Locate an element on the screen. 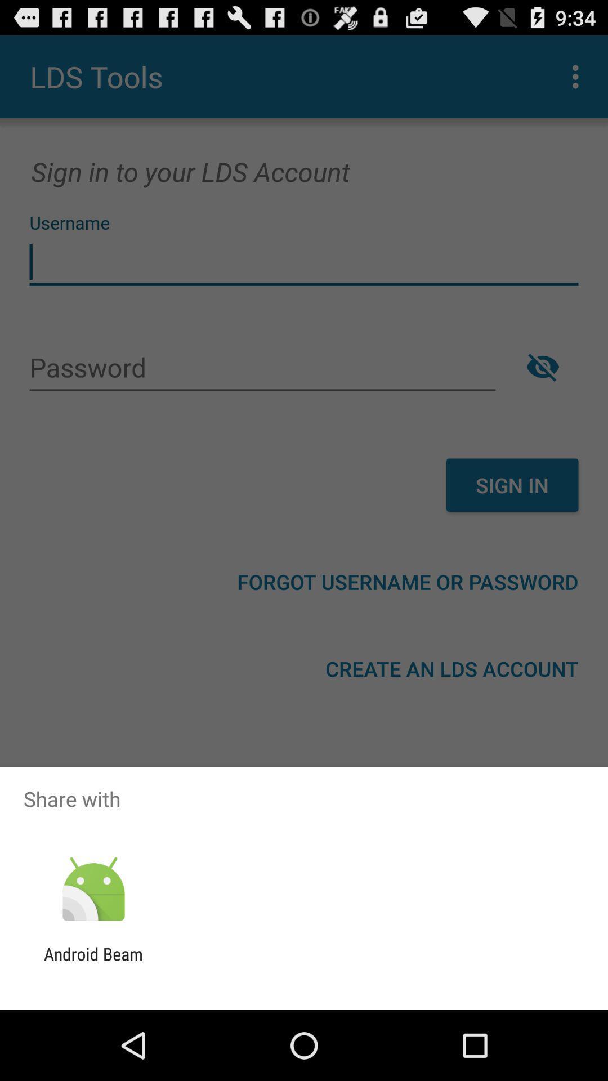  android beam item is located at coordinates (93, 963).